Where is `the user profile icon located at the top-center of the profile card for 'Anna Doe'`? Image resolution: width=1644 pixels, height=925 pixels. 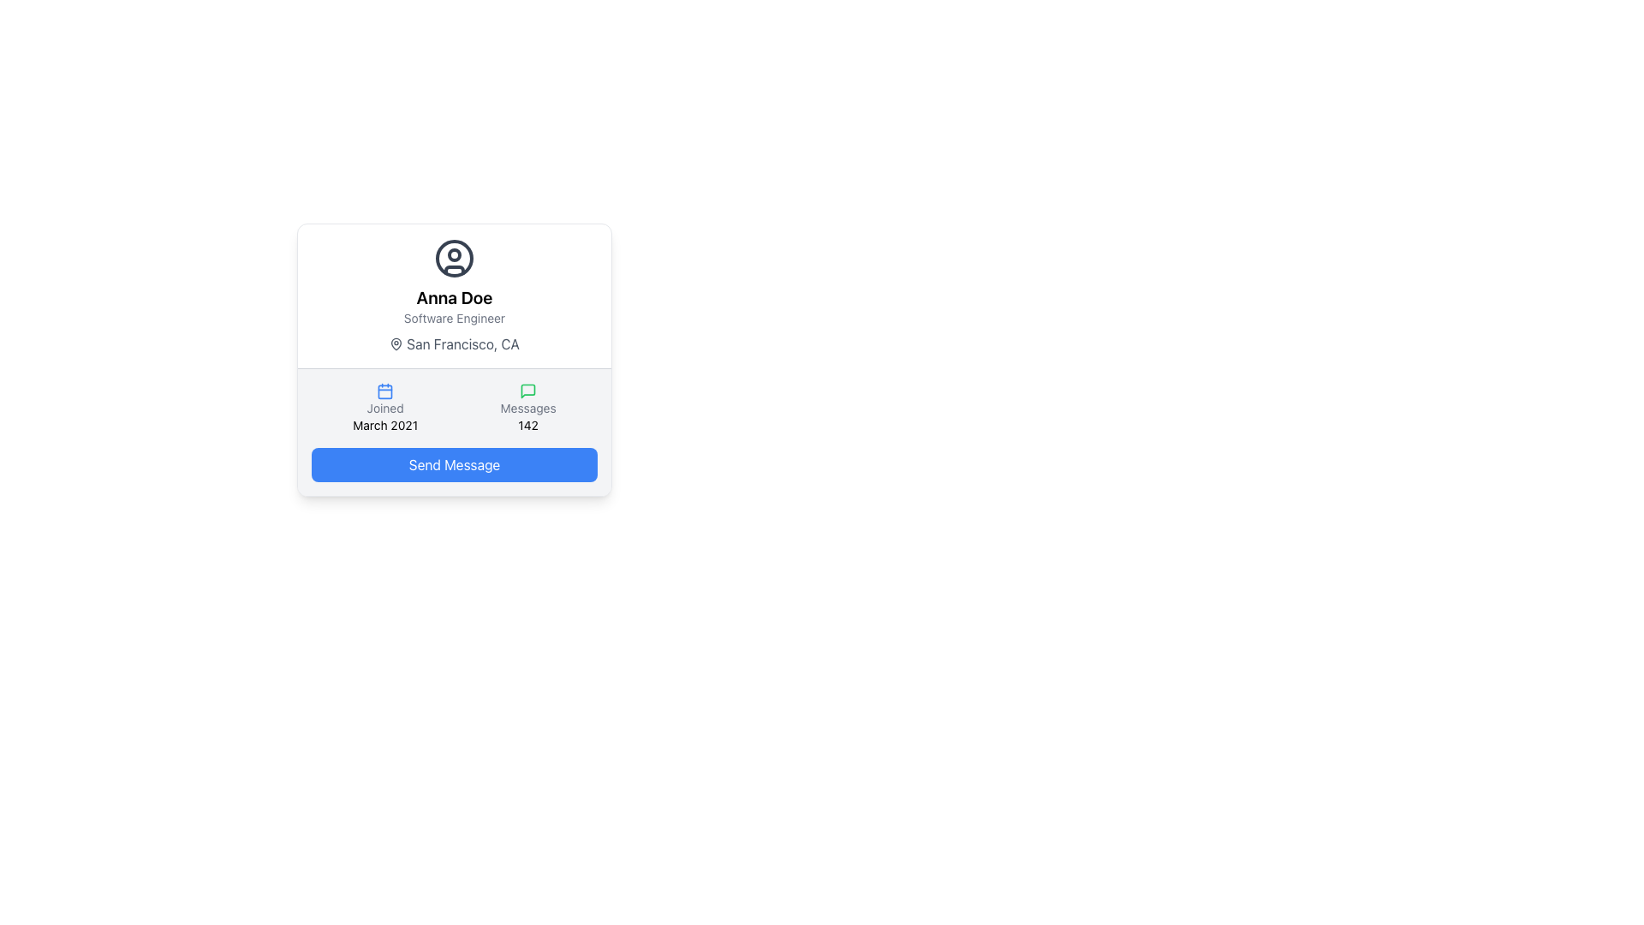
the user profile icon located at the top-center of the profile card for 'Anna Doe' is located at coordinates (455, 258).